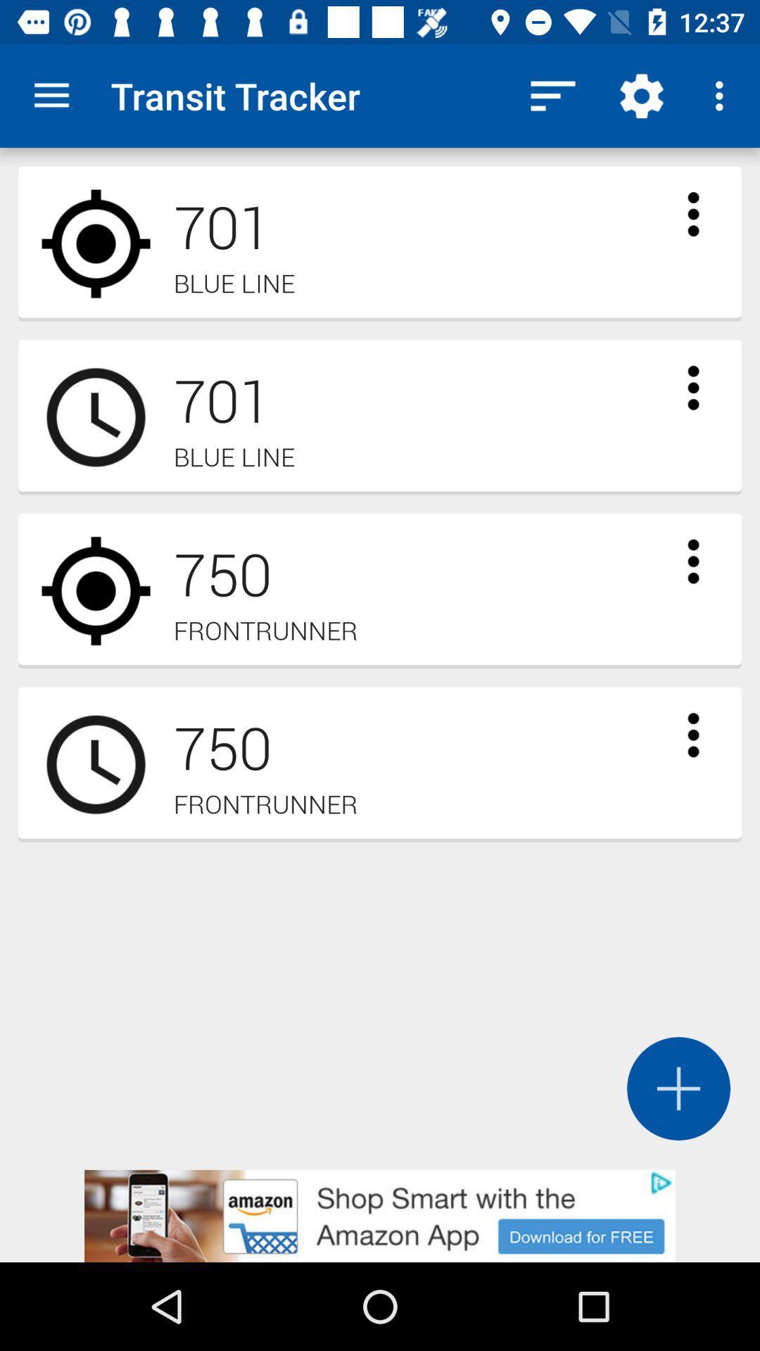 The height and width of the screenshot is (1351, 760). Describe the element at coordinates (692, 388) in the screenshot. I see `open context menu` at that location.